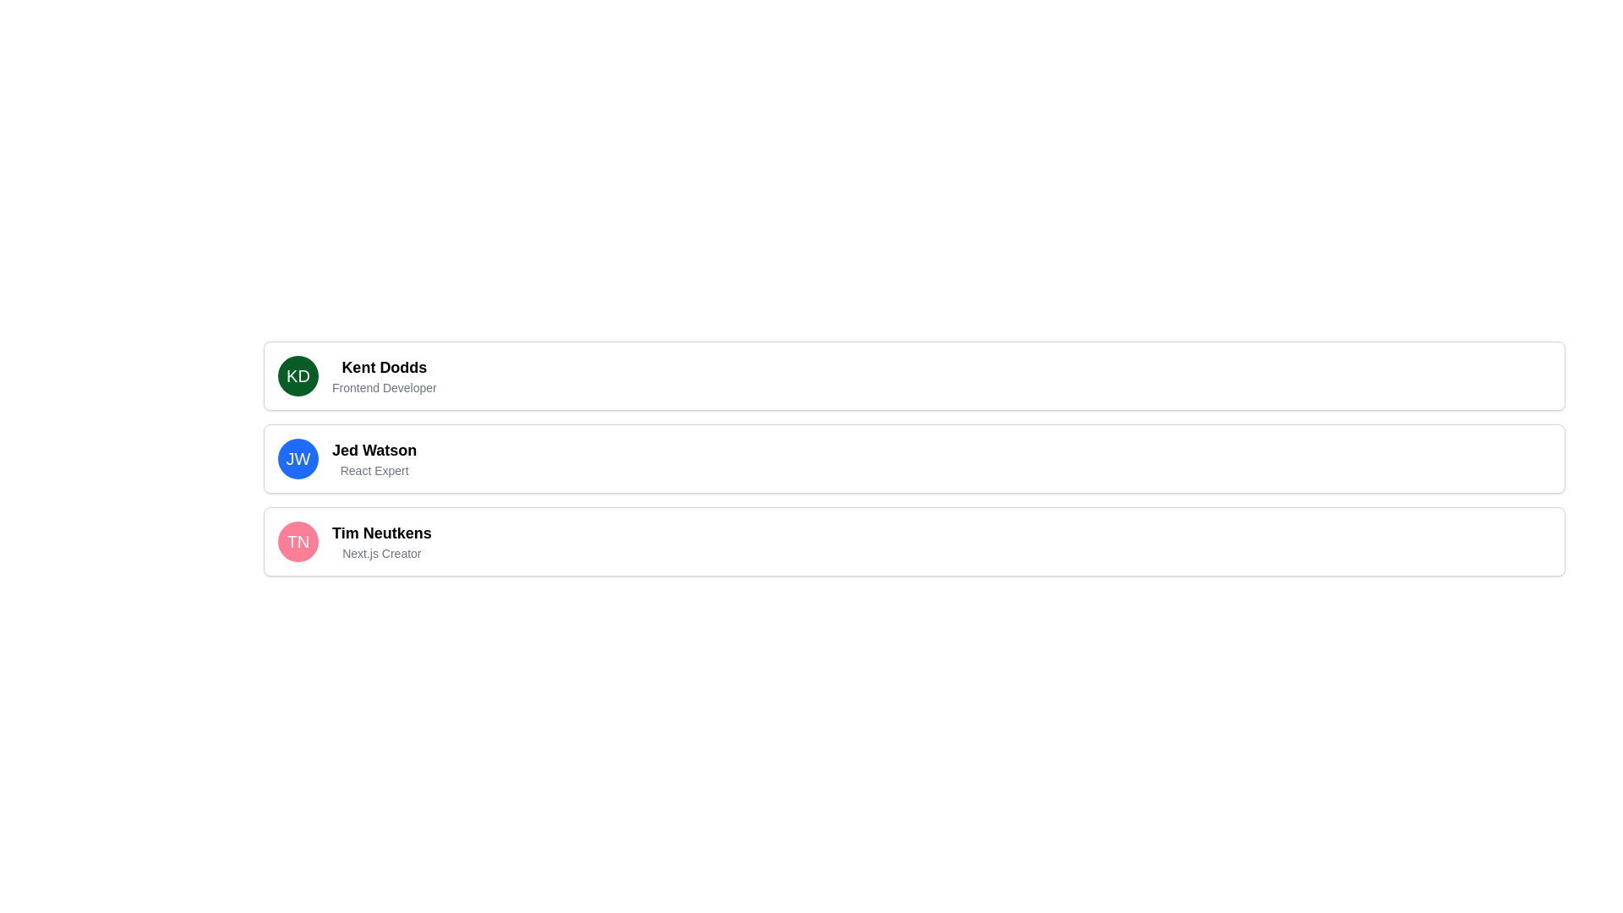  I want to click on the text block element displaying 'Jed Watson' and the subtitle 'React Expert' within the second profile card in a vertical list, so click(374, 459).